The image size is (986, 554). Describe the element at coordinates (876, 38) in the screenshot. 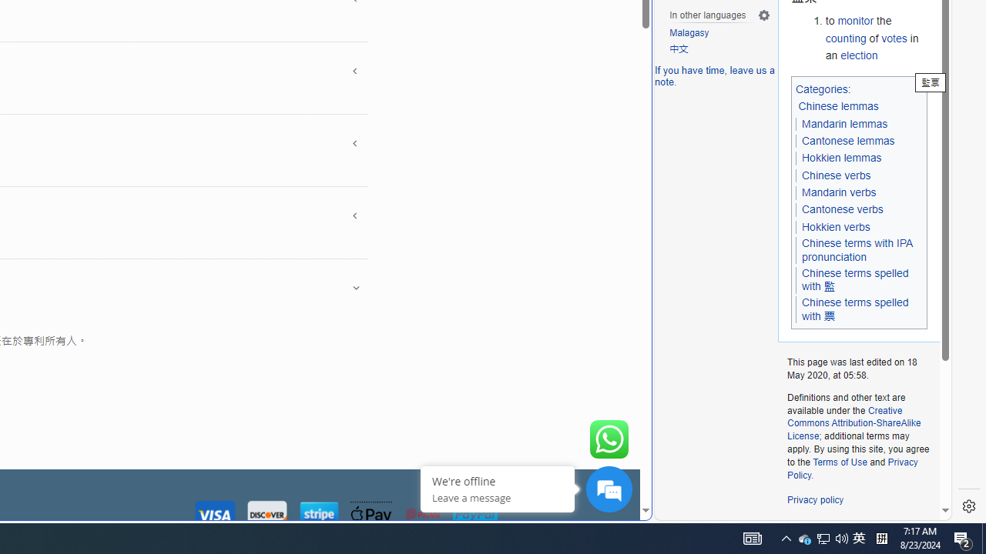

I see `'to monitor the counting of votes in an election'` at that location.